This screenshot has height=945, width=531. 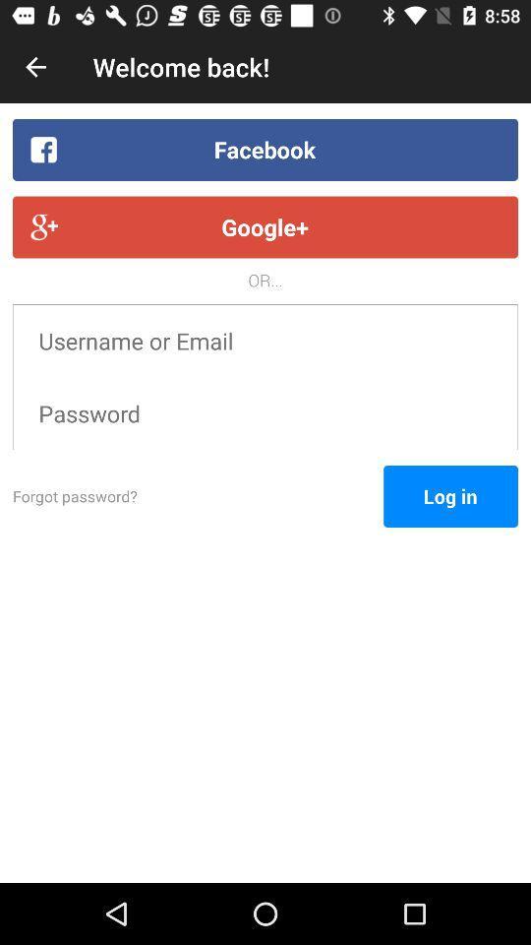 What do you see at coordinates (198, 495) in the screenshot?
I see `item to the left of the log in item` at bounding box center [198, 495].